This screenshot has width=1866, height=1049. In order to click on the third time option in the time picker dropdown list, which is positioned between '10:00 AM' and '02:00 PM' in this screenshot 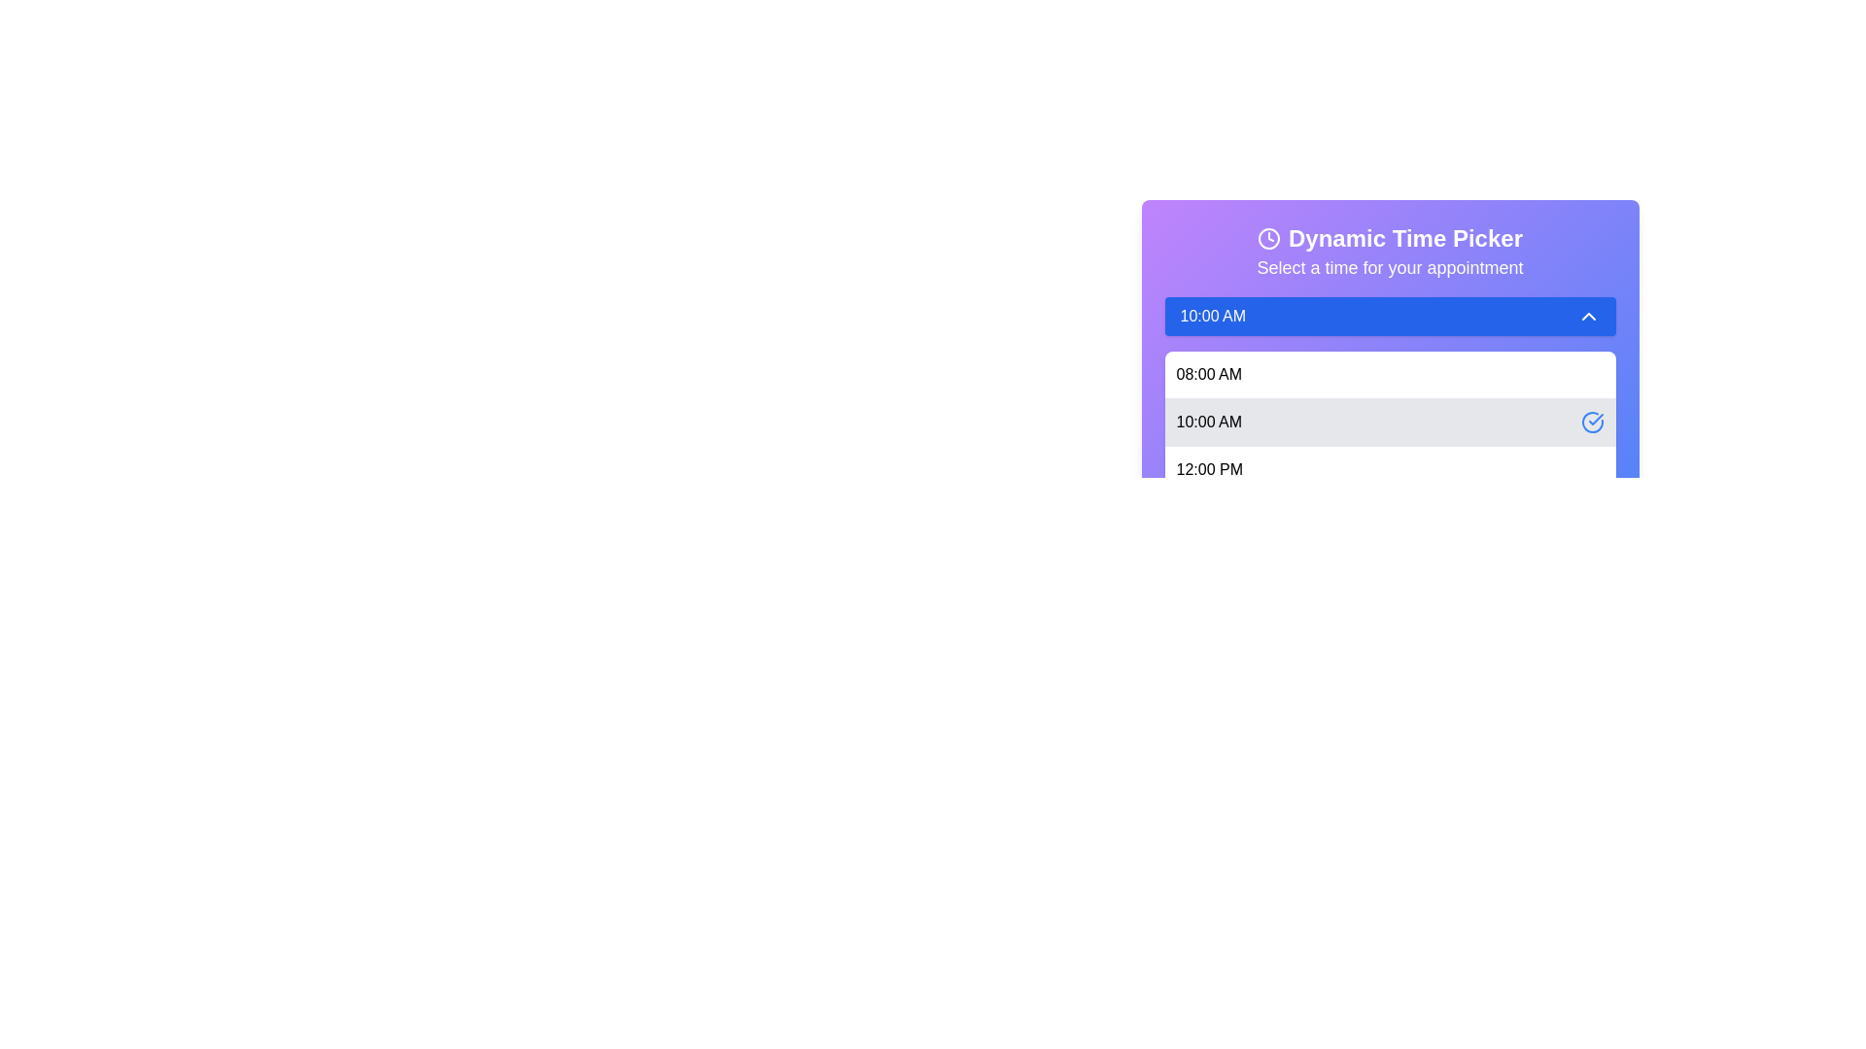, I will do `click(1389, 469)`.